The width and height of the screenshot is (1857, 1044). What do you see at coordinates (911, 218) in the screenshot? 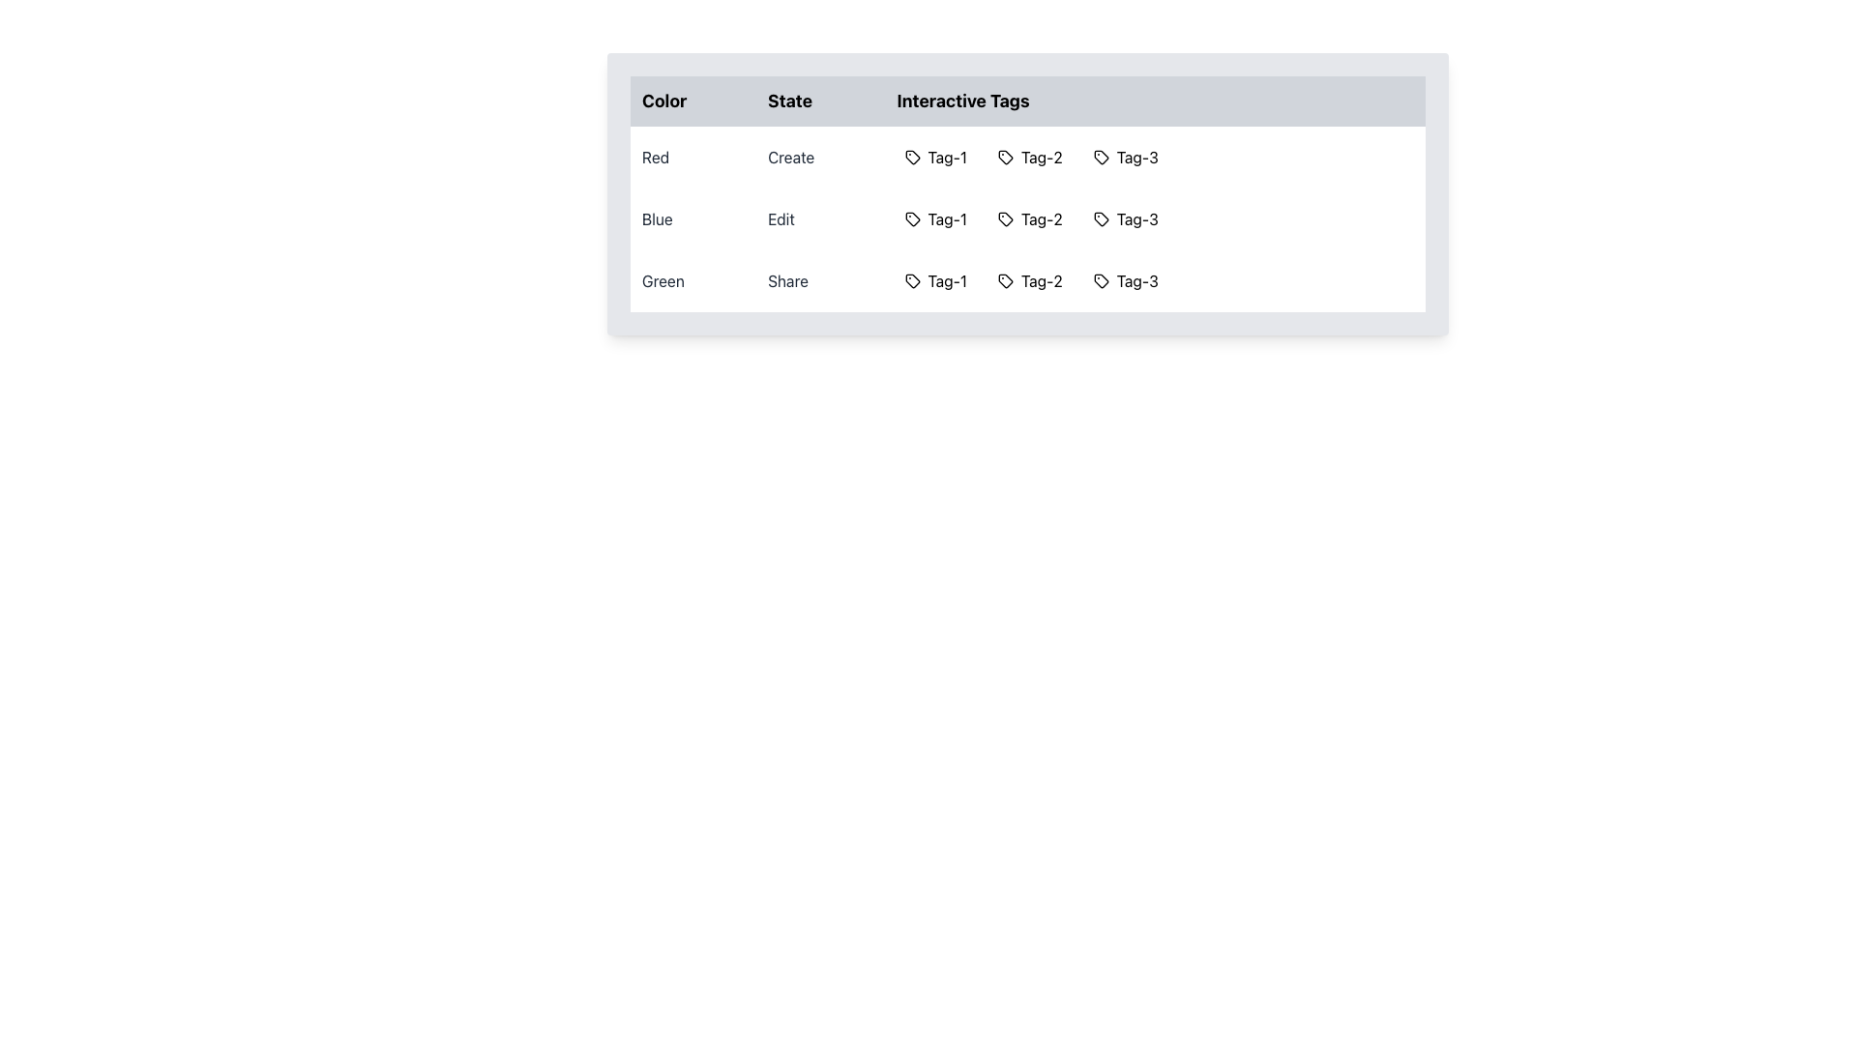
I see `the first tag icon under the 'Interactive Tags' column in the second row of the table, which is associated with the 'Edit' action` at bounding box center [911, 218].